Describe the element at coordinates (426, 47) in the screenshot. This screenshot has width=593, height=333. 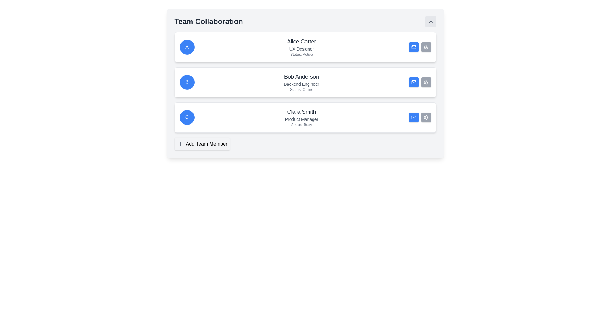
I see `the square gray button with a white gear icon, located to the right of the blue button with a white envelope icon, to observe the hover effect` at that location.